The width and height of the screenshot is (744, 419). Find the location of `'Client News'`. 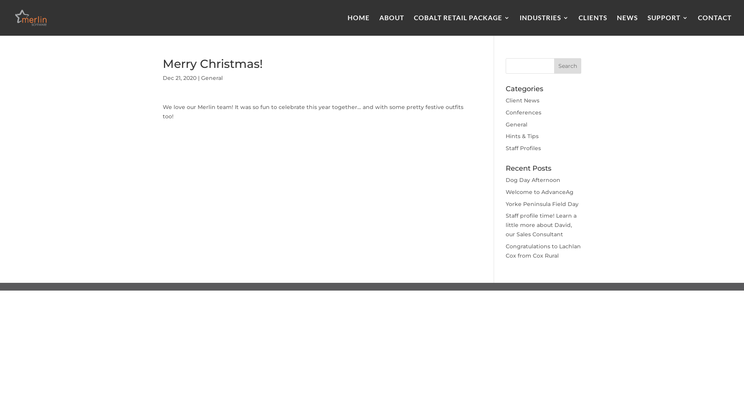

'Client News' is located at coordinates (506, 100).